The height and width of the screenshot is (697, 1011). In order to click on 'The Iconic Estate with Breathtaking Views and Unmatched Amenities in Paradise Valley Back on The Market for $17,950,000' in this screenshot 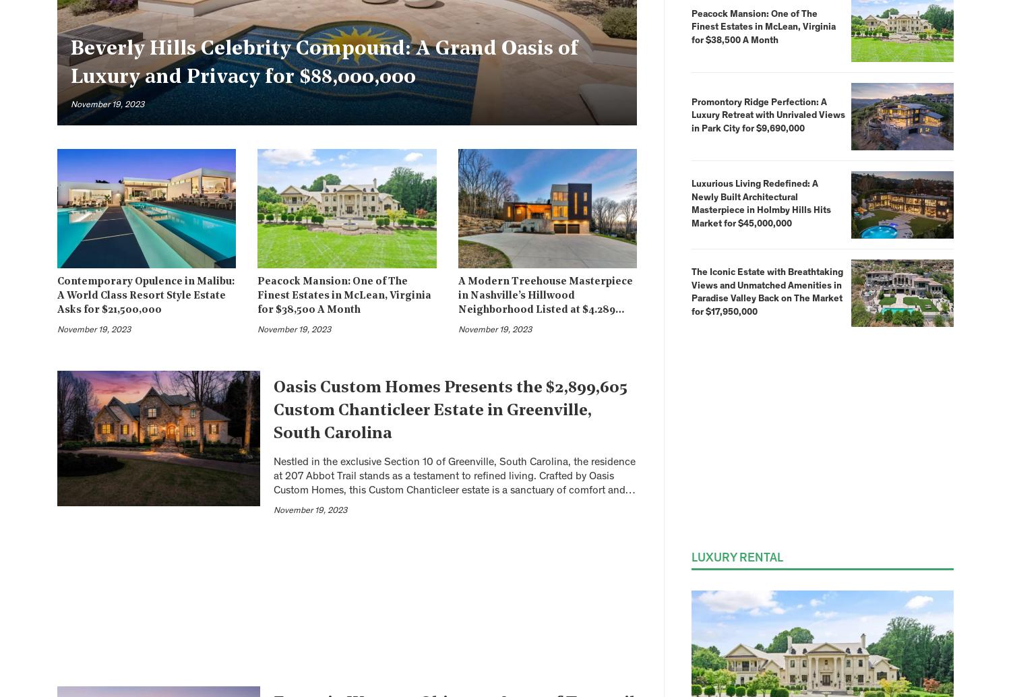, I will do `click(767, 291)`.